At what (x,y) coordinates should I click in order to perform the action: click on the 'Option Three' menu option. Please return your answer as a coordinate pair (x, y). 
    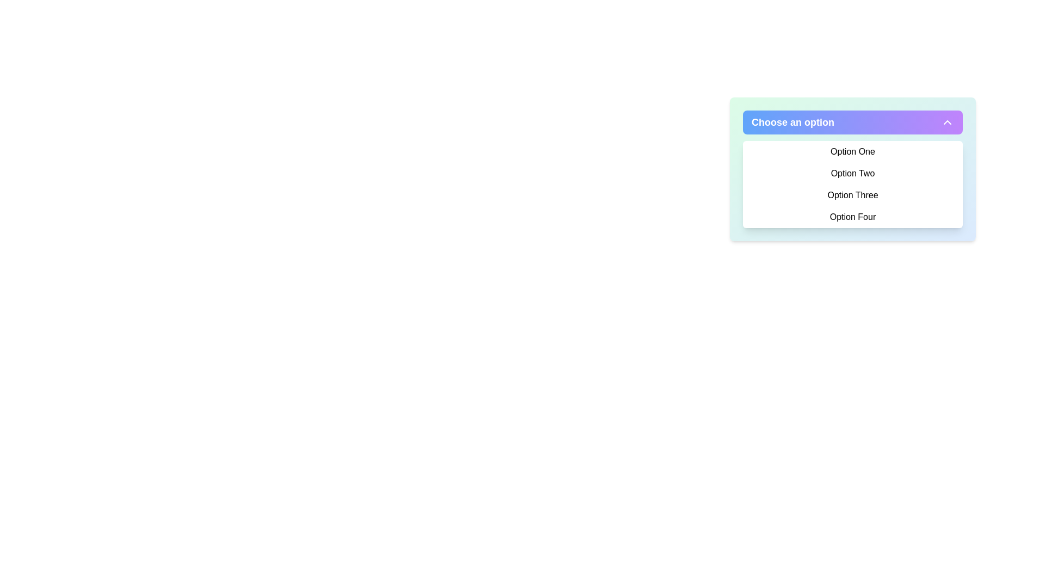
    Looking at the image, I should click on (852, 194).